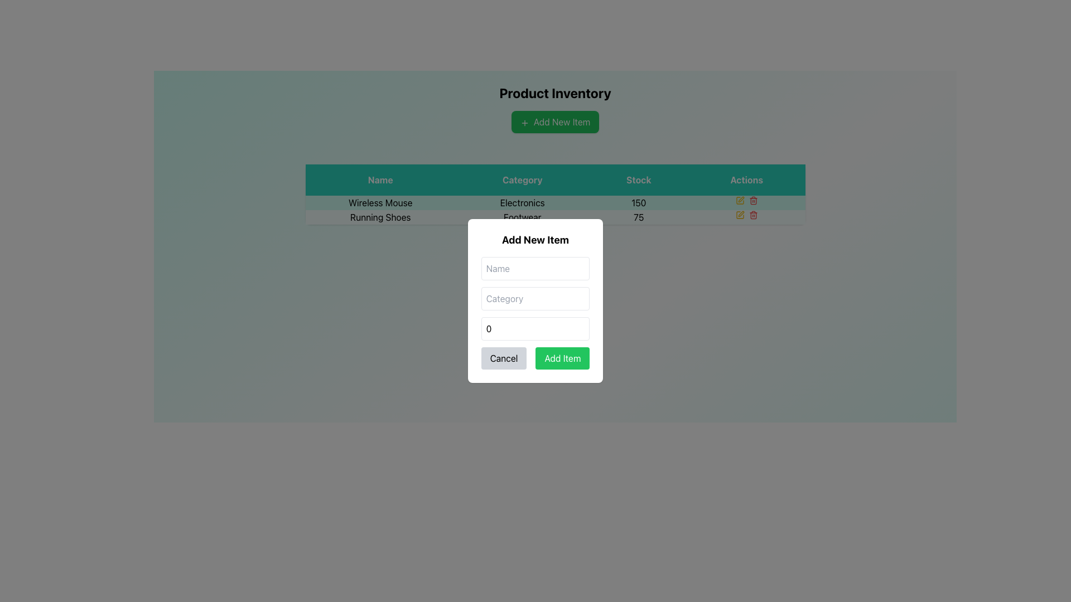  Describe the element at coordinates (562, 358) in the screenshot. I see `the 'Add' button located at the lower-right corner of the modal dialog box` at that location.